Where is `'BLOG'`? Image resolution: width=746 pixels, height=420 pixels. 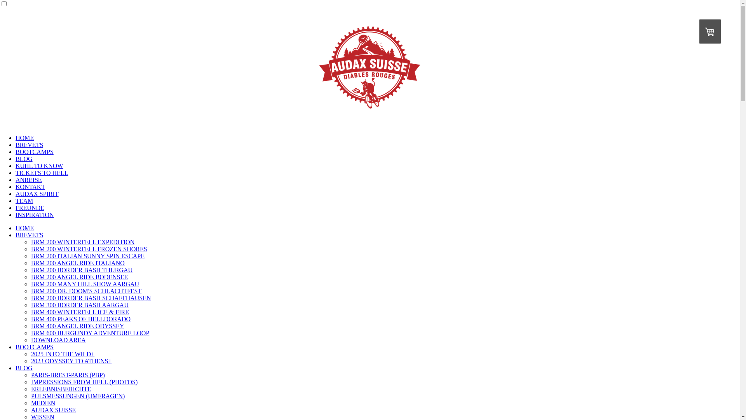 'BLOG' is located at coordinates (24, 367).